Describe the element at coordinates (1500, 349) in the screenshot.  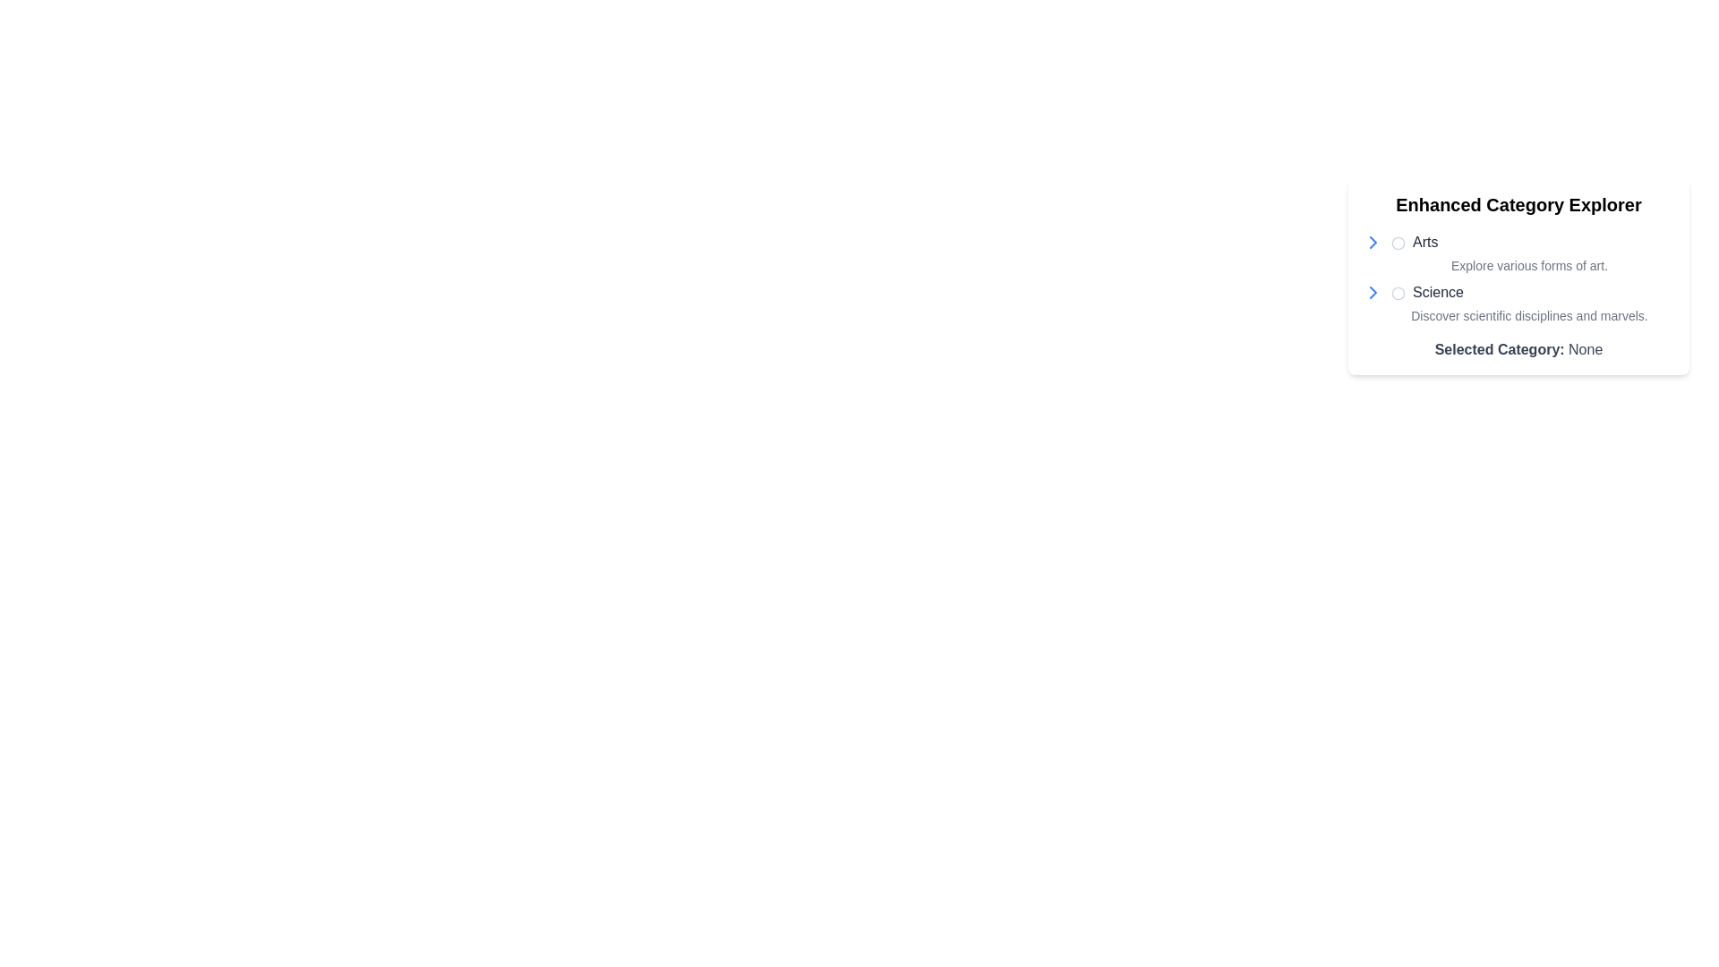
I see `the text label displaying 'Selected Category:' to check for any tooltip that may appear` at that location.